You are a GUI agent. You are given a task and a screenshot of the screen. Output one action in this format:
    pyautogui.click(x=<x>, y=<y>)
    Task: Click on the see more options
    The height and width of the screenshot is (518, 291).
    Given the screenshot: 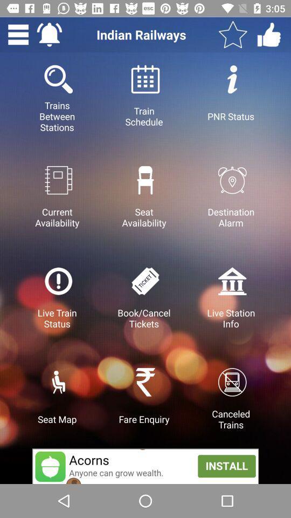 What is the action you would take?
    pyautogui.click(x=18, y=35)
    